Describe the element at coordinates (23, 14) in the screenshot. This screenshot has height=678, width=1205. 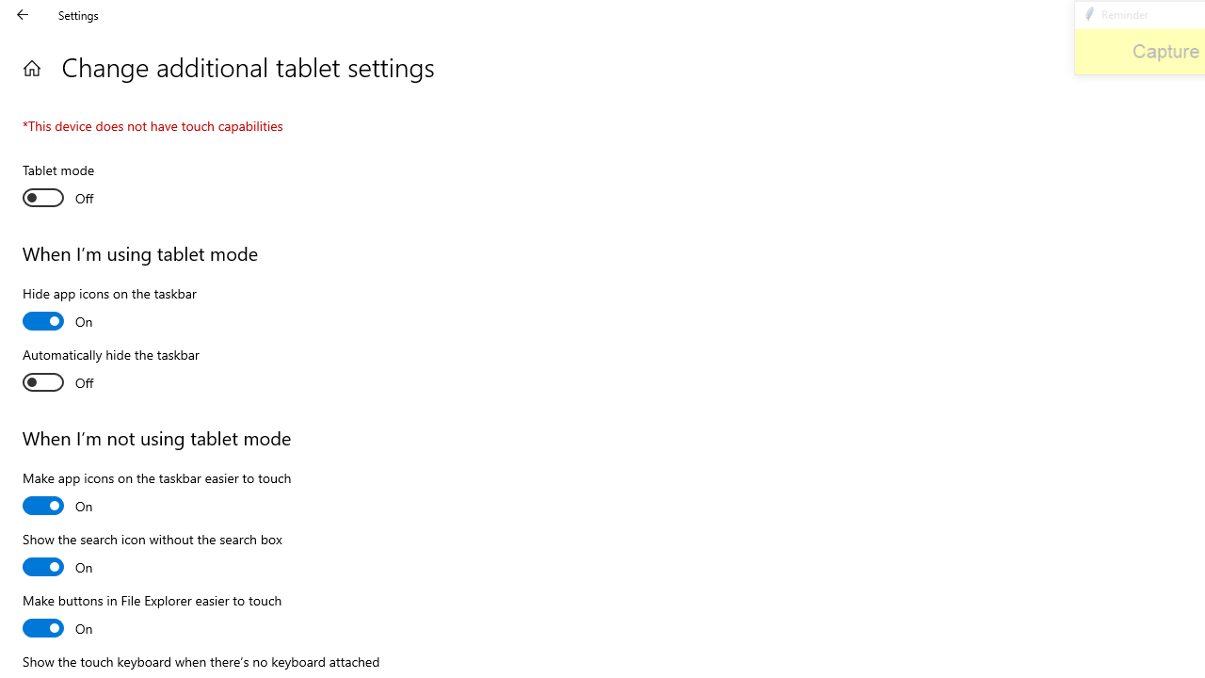
I see `'Back'` at that location.